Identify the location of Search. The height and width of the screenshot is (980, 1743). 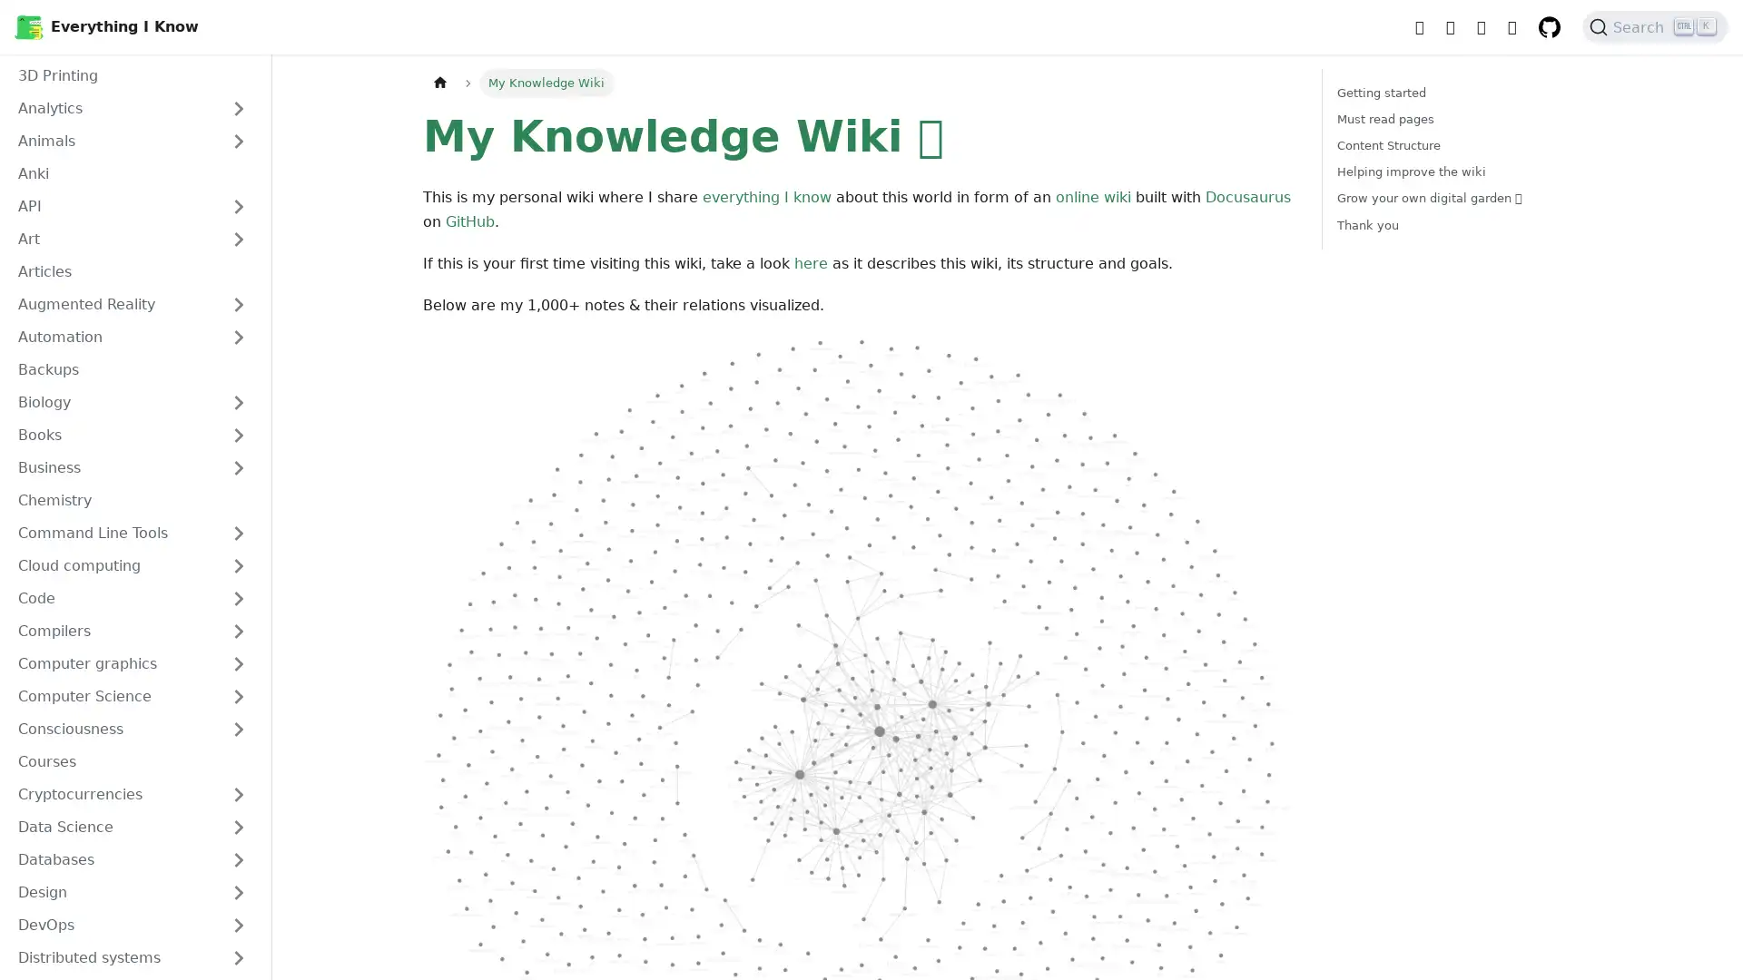
(1655, 27).